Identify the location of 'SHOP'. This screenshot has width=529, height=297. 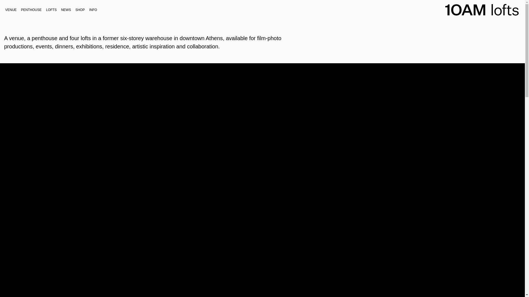
(73, 9).